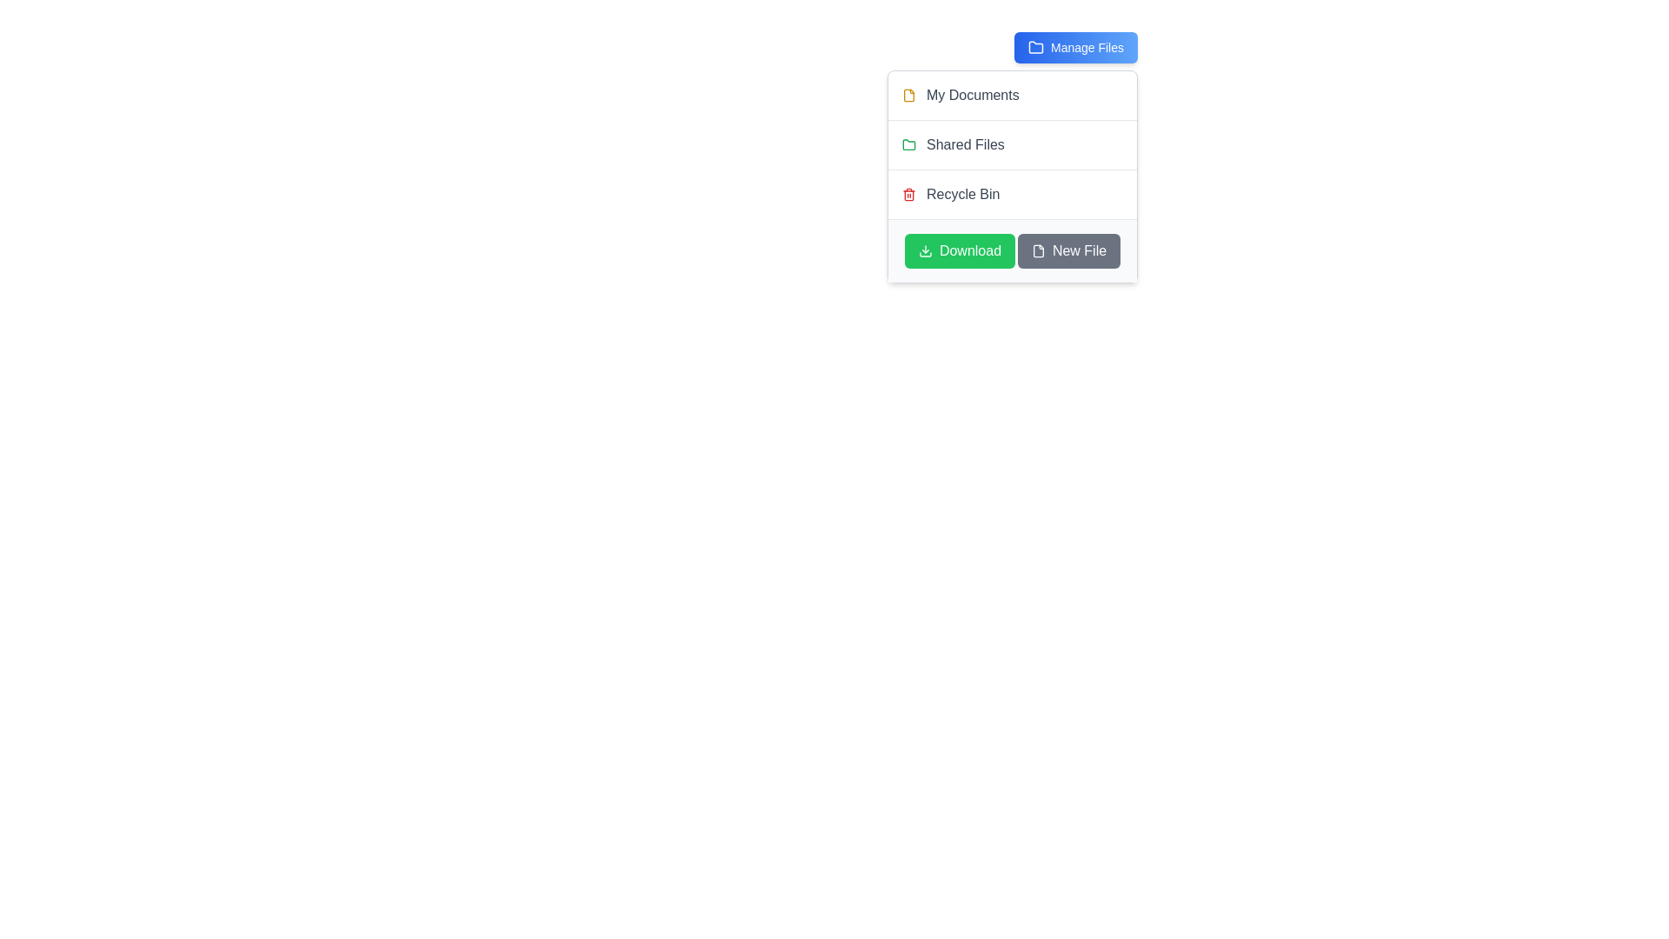 Image resolution: width=1669 pixels, height=939 pixels. Describe the element at coordinates (908, 96) in the screenshot. I see `the document icon located at the top-left section of the 'Manage Files' dropdown panel, which serves as a visual aid for identifying document content` at that location.